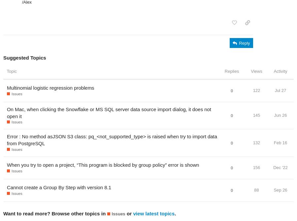  I want to click on '122', so click(256, 90).